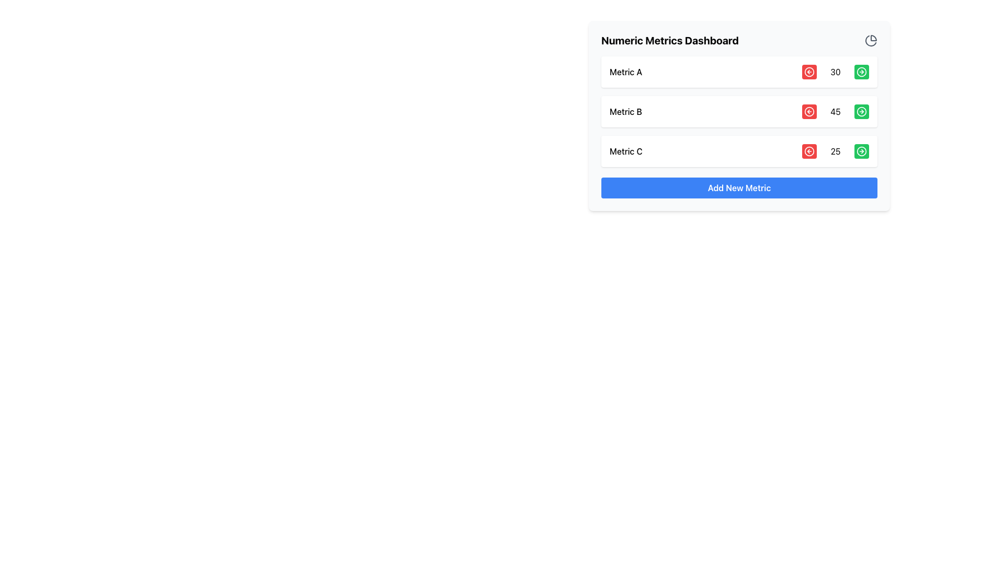 Image resolution: width=1004 pixels, height=564 pixels. What do you see at coordinates (861, 72) in the screenshot?
I see `the green circular icon with a white border and a right-pointing arrow, located in the 'Numeric Metrics Dashboard' section` at bounding box center [861, 72].